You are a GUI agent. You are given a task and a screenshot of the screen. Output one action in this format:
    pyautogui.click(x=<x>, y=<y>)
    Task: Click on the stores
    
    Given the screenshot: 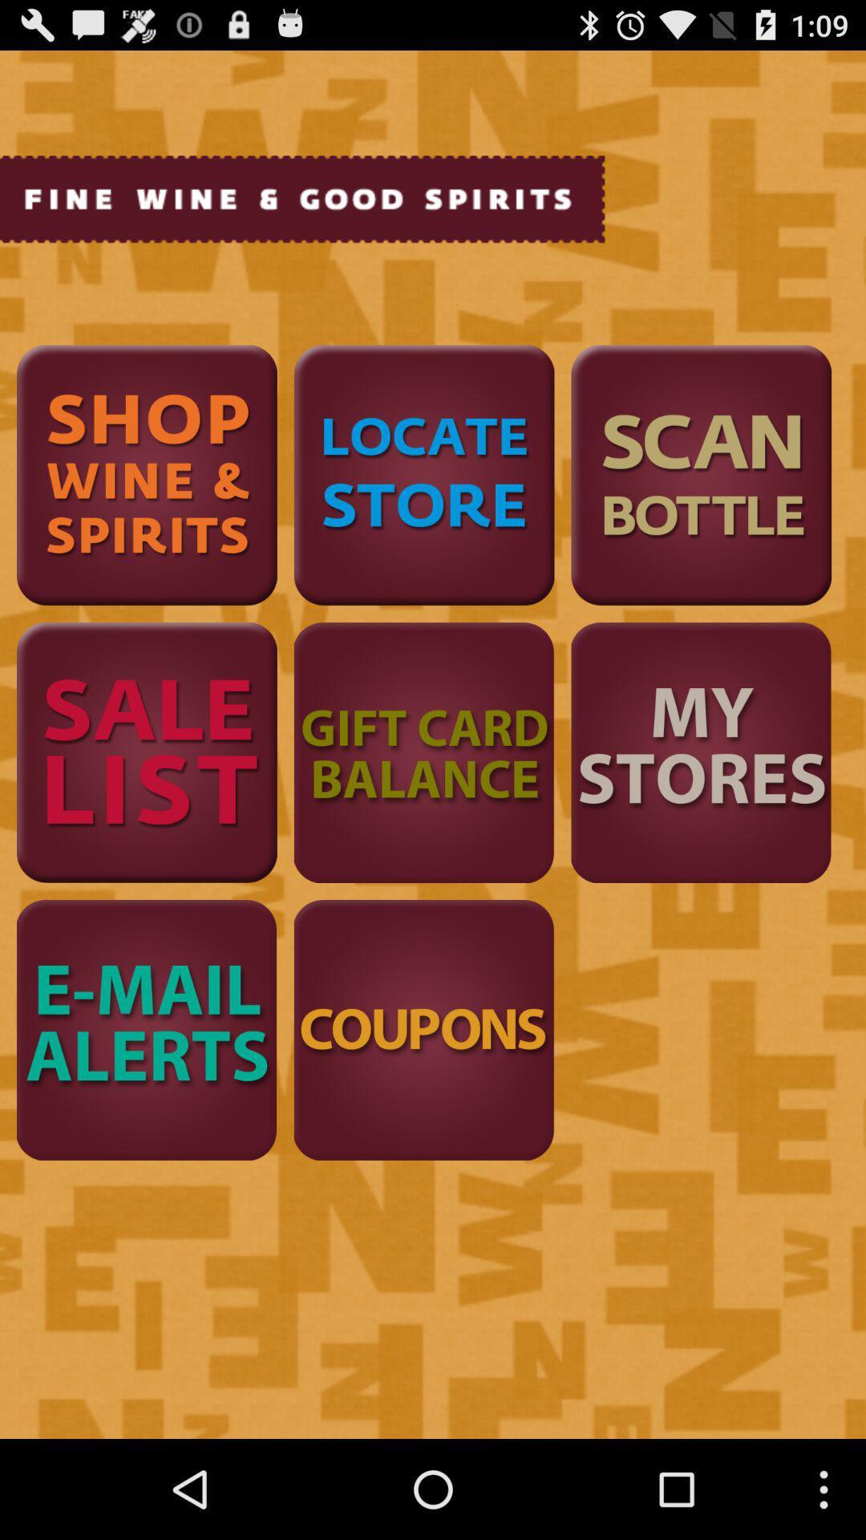 What is the action you would take?
    pyautogui.click(x=700, y=752)
    